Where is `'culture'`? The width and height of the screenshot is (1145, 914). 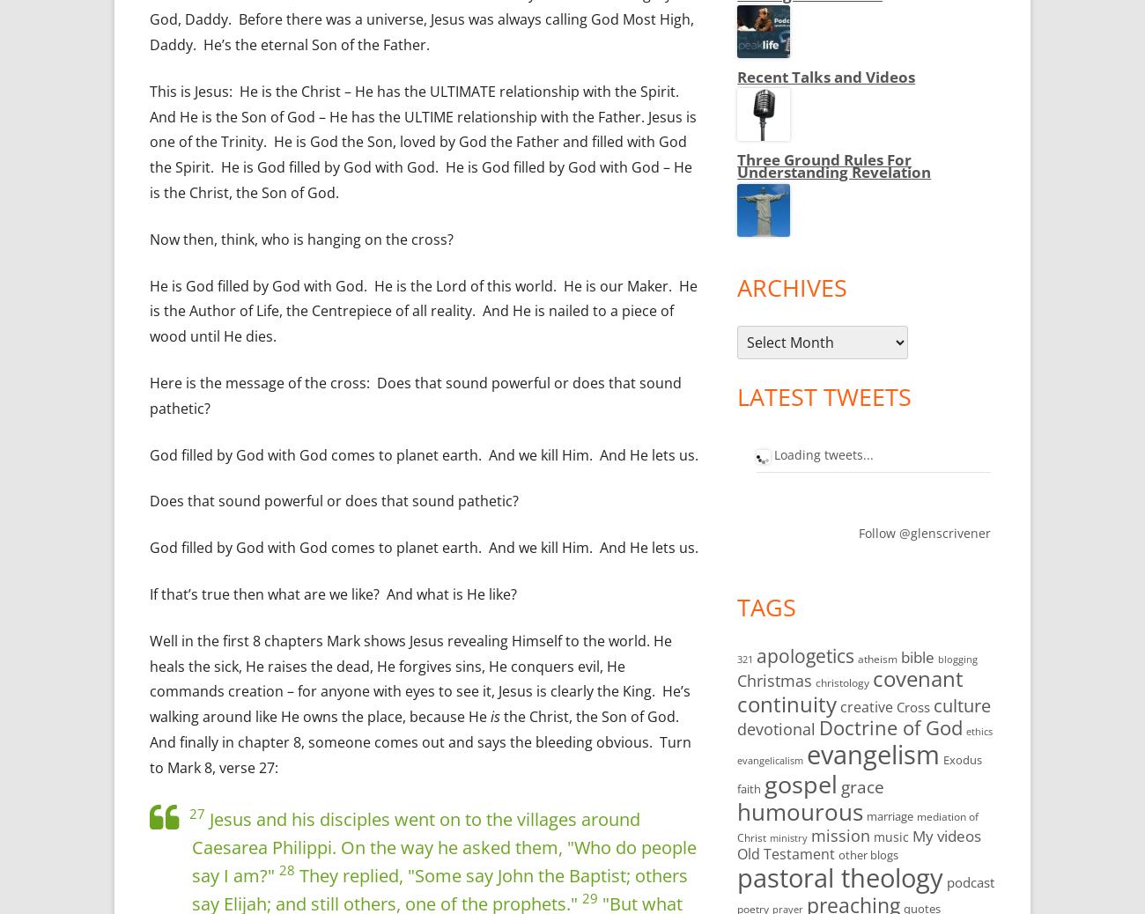
'culture' is located at coordinates (961, 704).